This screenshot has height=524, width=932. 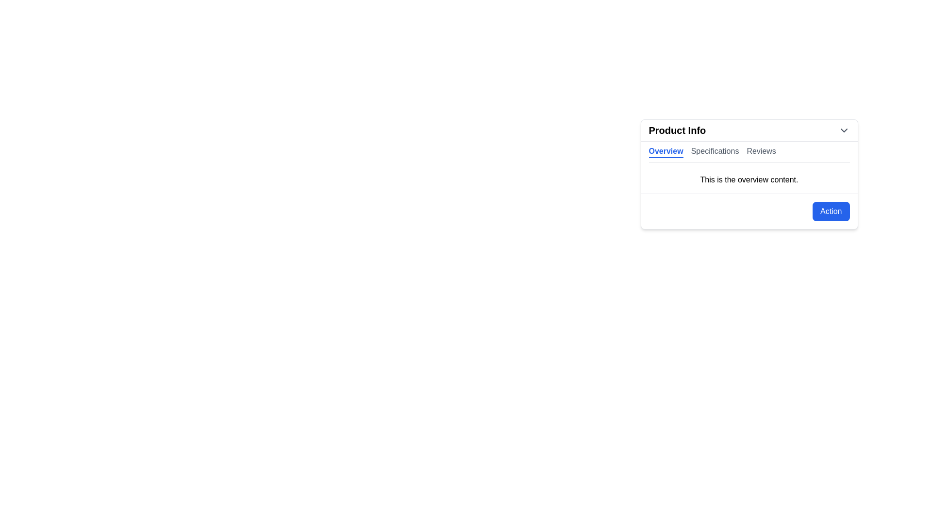 I want to click on the tab bar located at the top center of the 'Product Info' card, so click(x=749, y=153).